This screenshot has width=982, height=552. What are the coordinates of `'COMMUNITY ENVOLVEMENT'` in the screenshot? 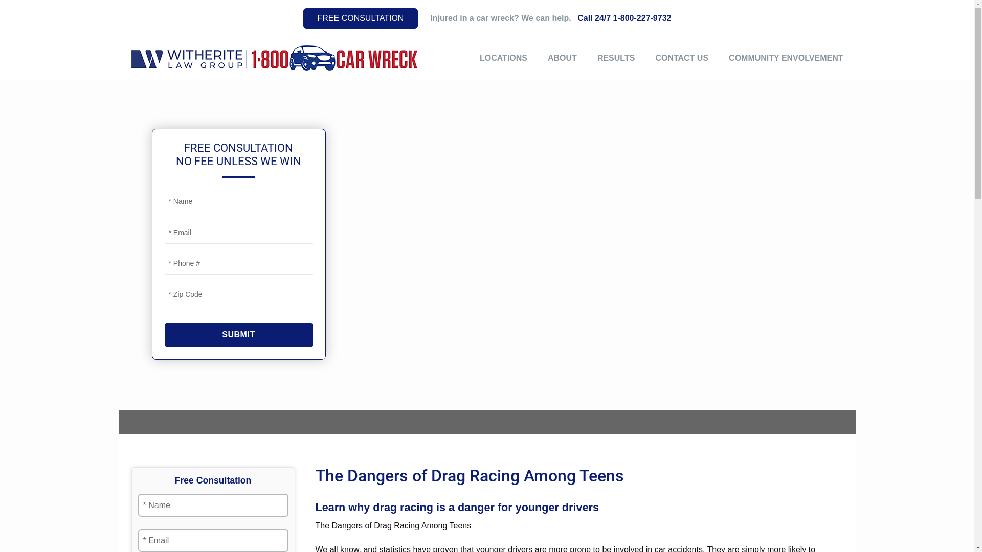 It's located at (785, 58).